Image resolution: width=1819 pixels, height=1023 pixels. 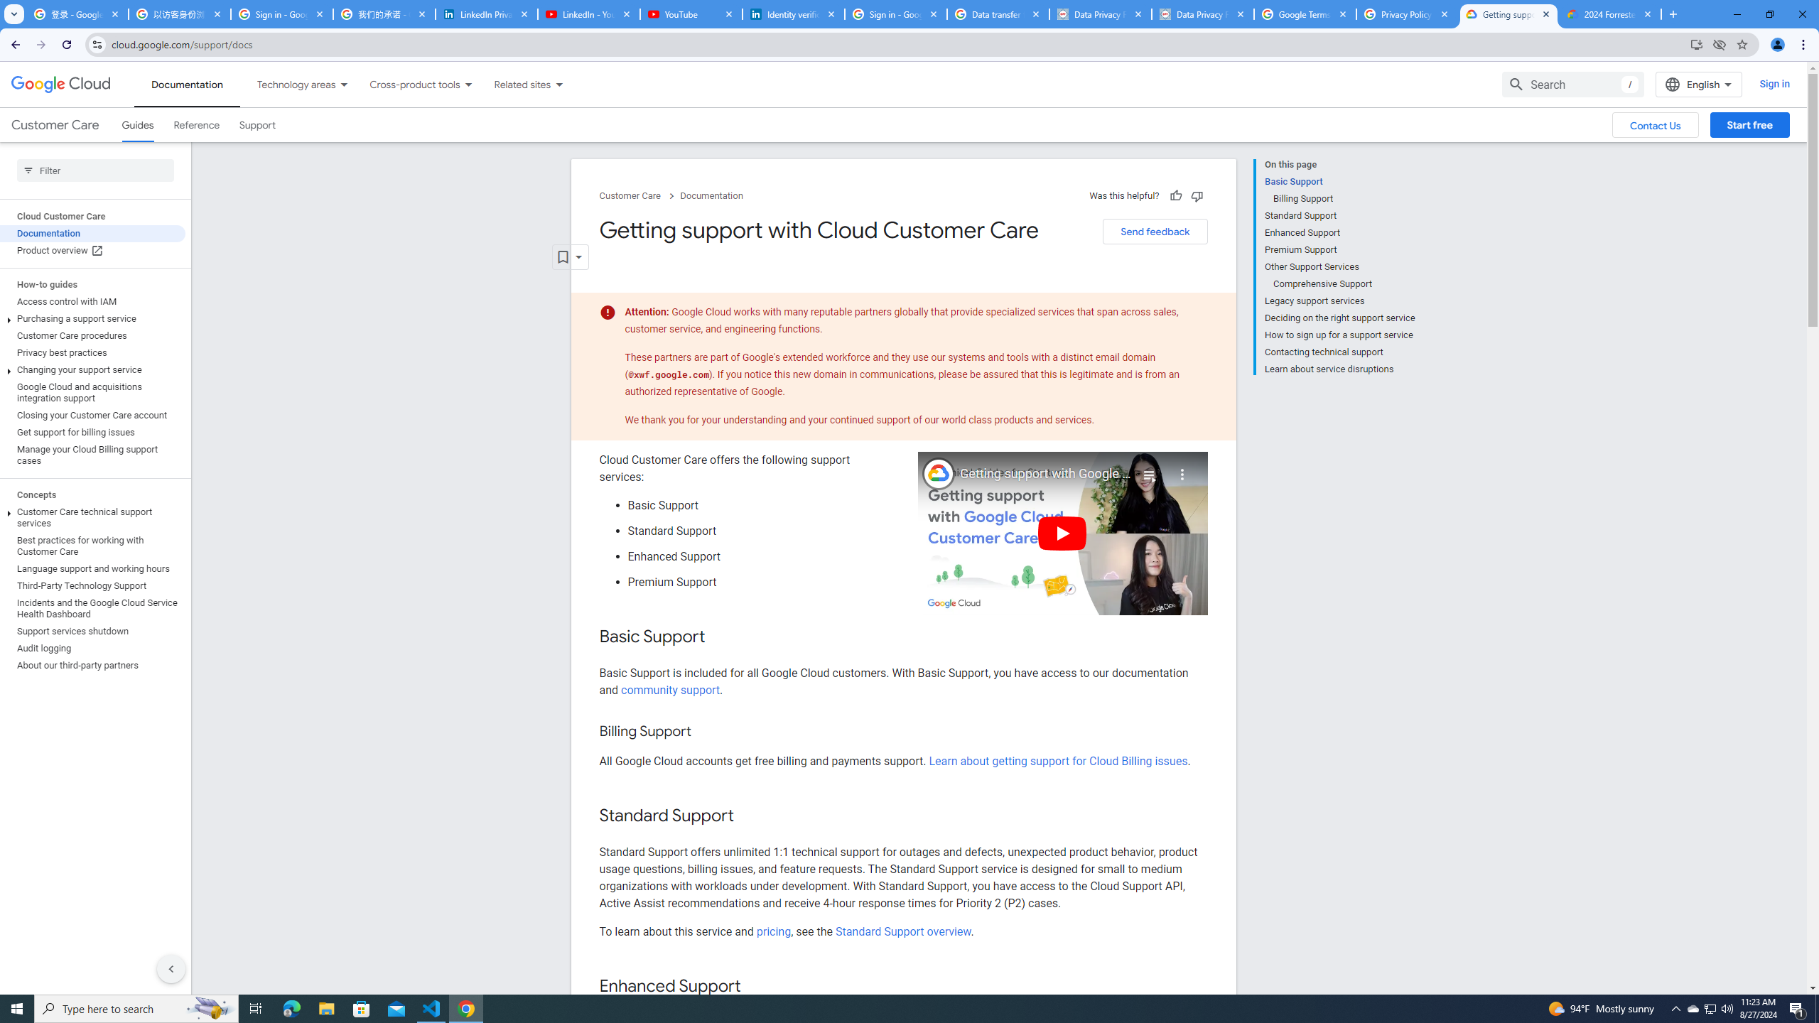 I want to click on 'Standard Support', so click(x=1339, y=215).